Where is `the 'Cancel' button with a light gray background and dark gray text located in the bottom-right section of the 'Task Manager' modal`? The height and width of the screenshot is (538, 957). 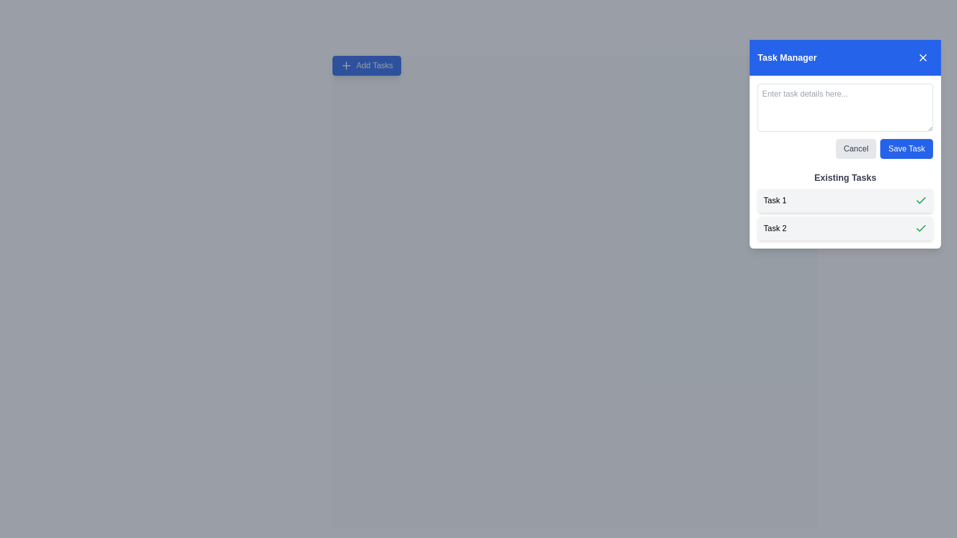 the 'Cancel' button with a light gray background and dark gray text located in the bottom-right section of the 'Task Manager' modal is located at coordinates (855, 149).